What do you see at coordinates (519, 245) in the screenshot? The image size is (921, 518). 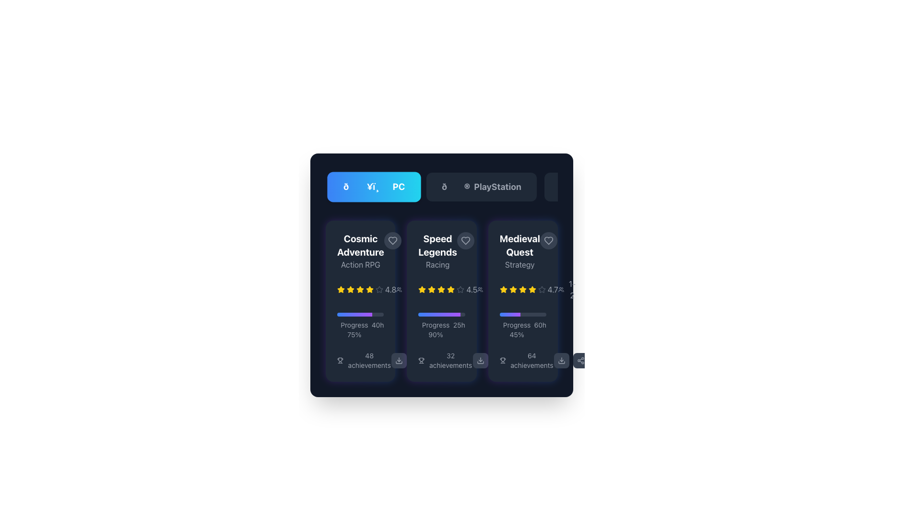 I see `the title label of the game card located in the third column of the grid layout, positioned above the subtitle 'Strategy'` at bounding box center [519, 245].